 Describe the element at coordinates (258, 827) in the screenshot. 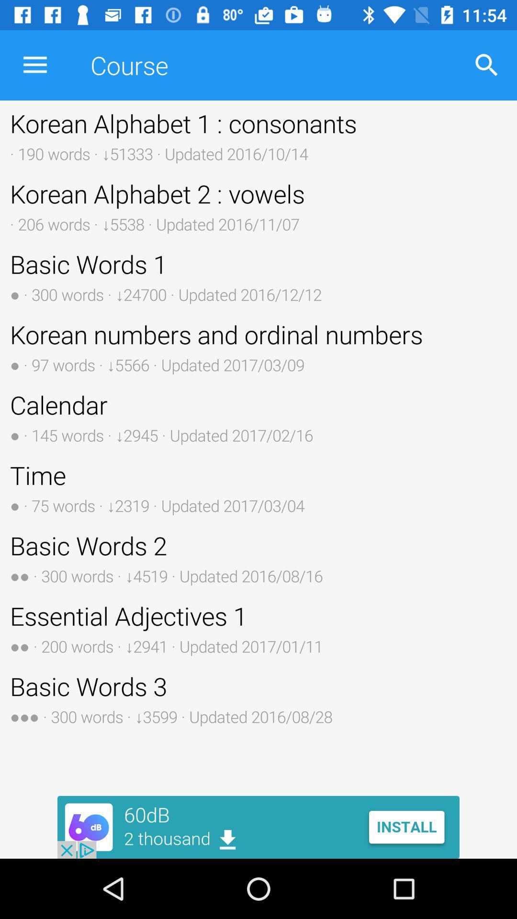

I see `advertisement bar` at that location.